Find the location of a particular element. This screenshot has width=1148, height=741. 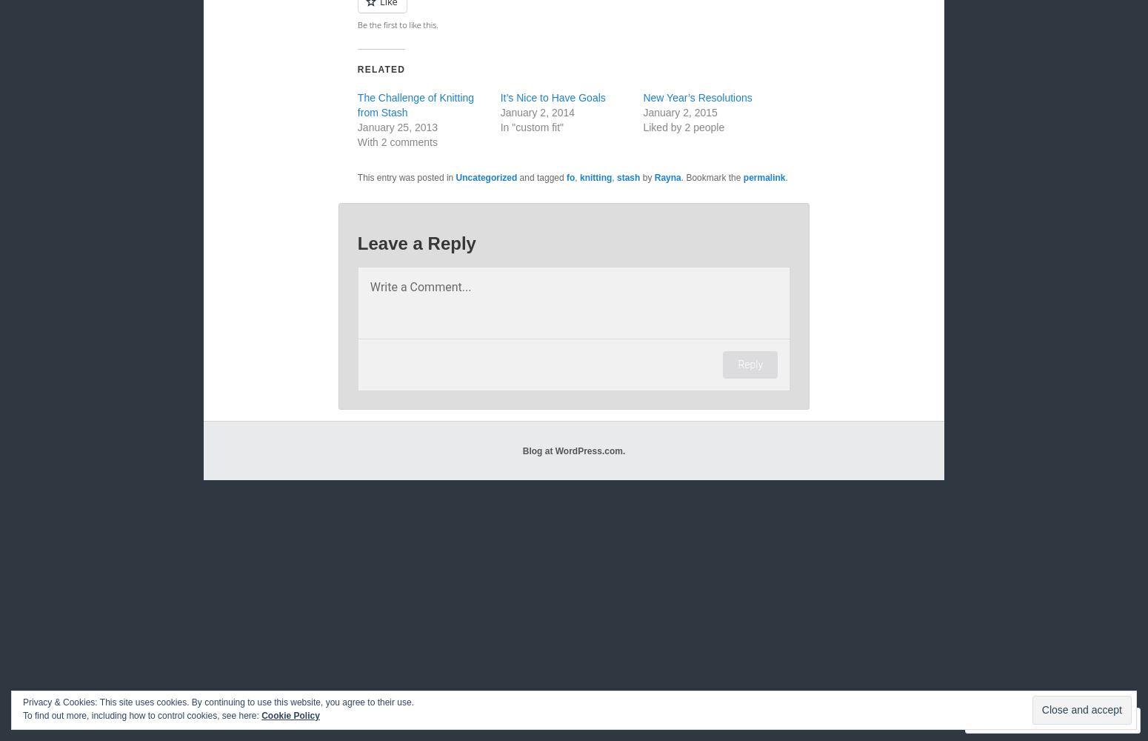

'Related' is located at coordinates (380, 69).